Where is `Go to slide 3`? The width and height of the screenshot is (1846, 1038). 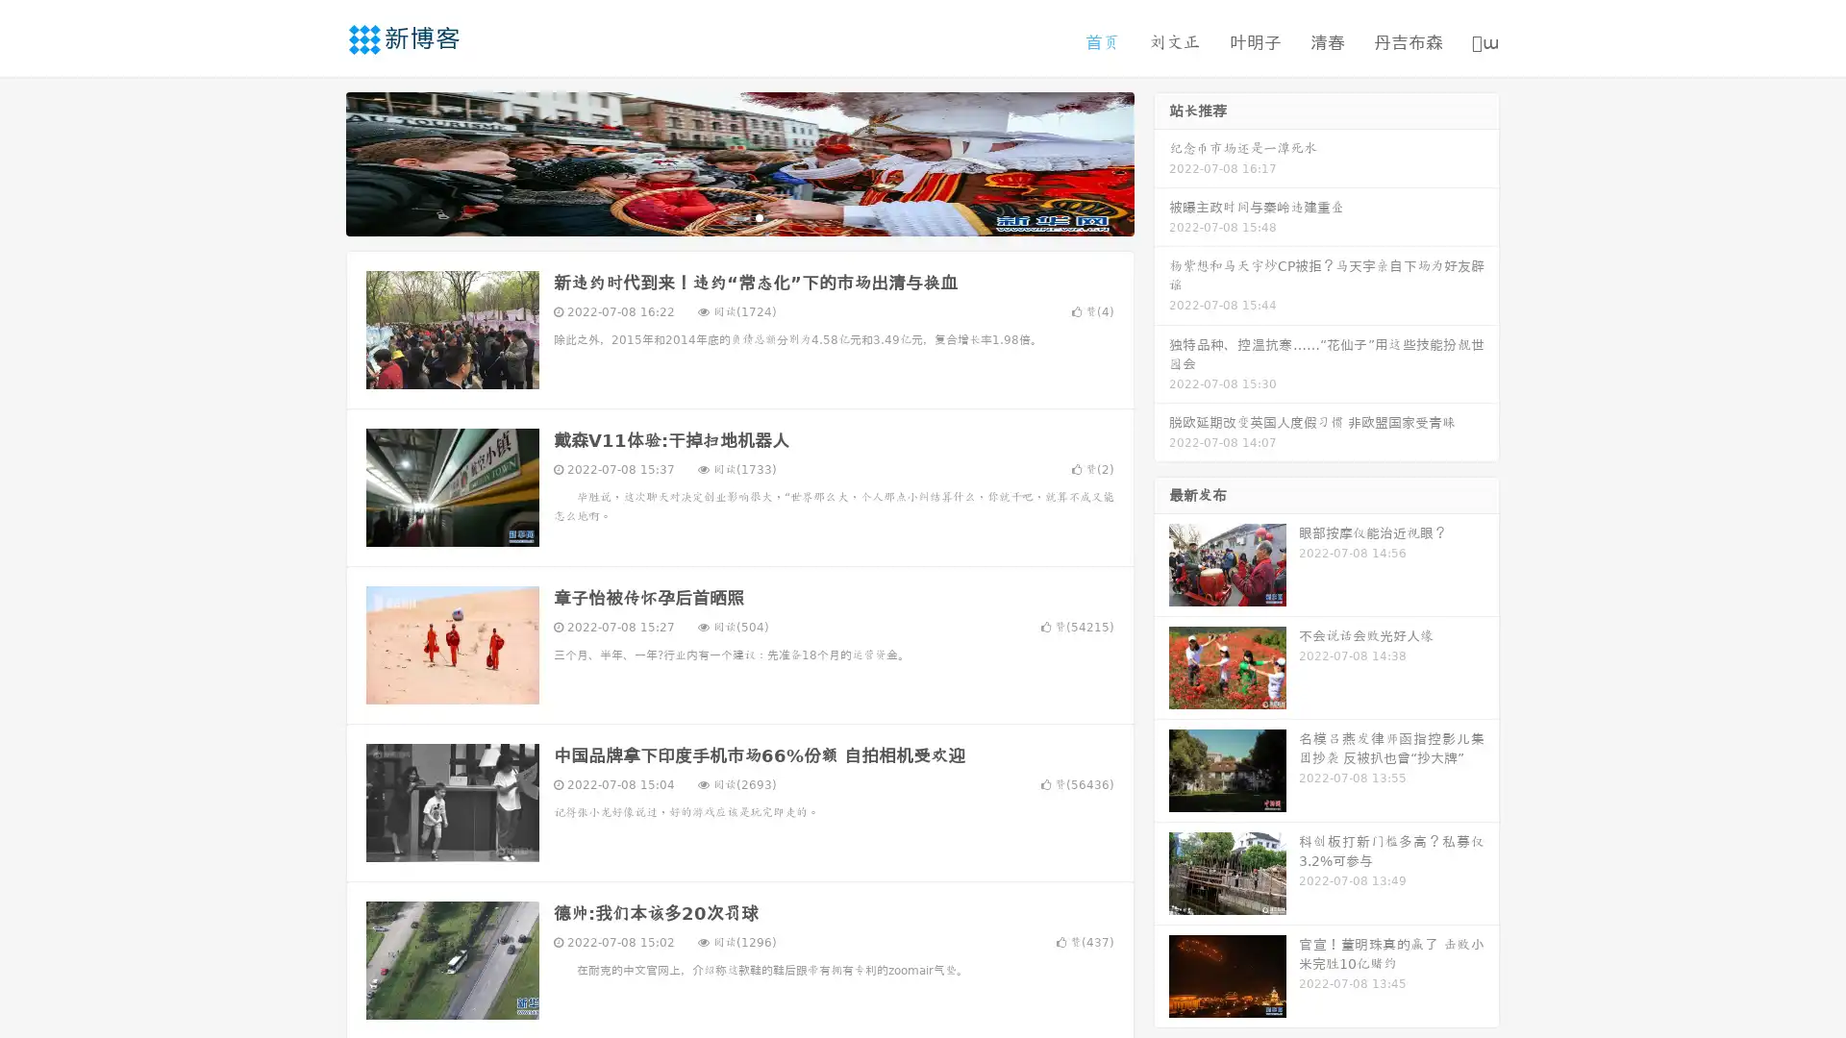 Go to slide 3 is located at coordinates (759, 216).